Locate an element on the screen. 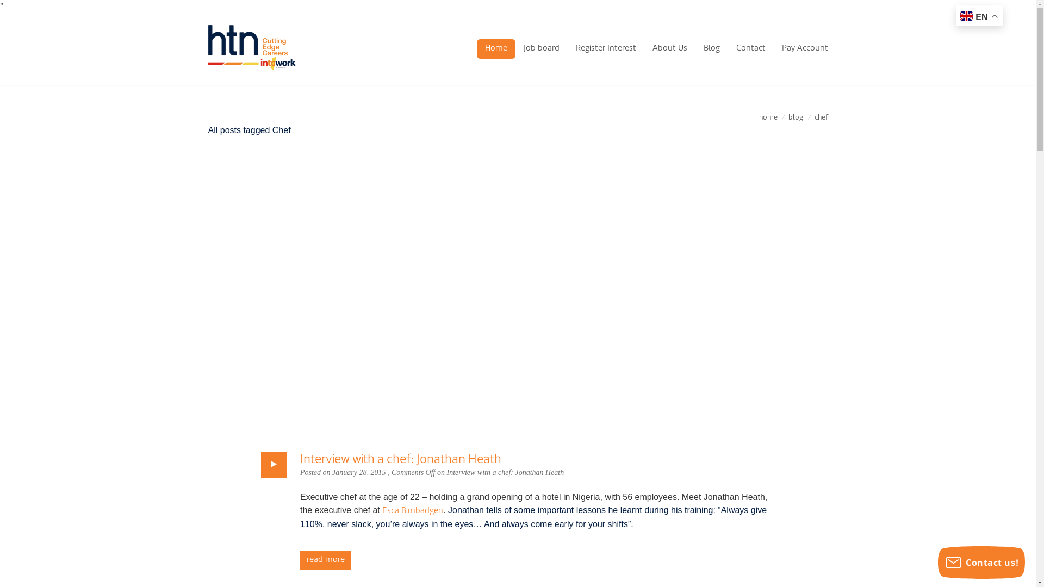 The height and width of the screenshot is (587, 1044). 'About Us' is located at coordinates (668, 48).